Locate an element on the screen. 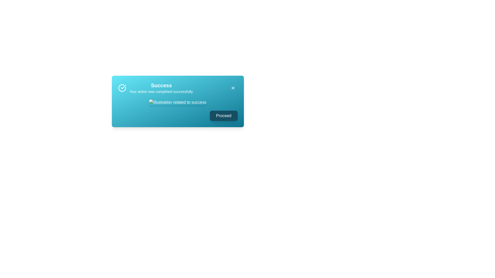 Image resolution: width=495 pixels, height=278 pixels. the image to inspect it is located at coordinates (178, 102).